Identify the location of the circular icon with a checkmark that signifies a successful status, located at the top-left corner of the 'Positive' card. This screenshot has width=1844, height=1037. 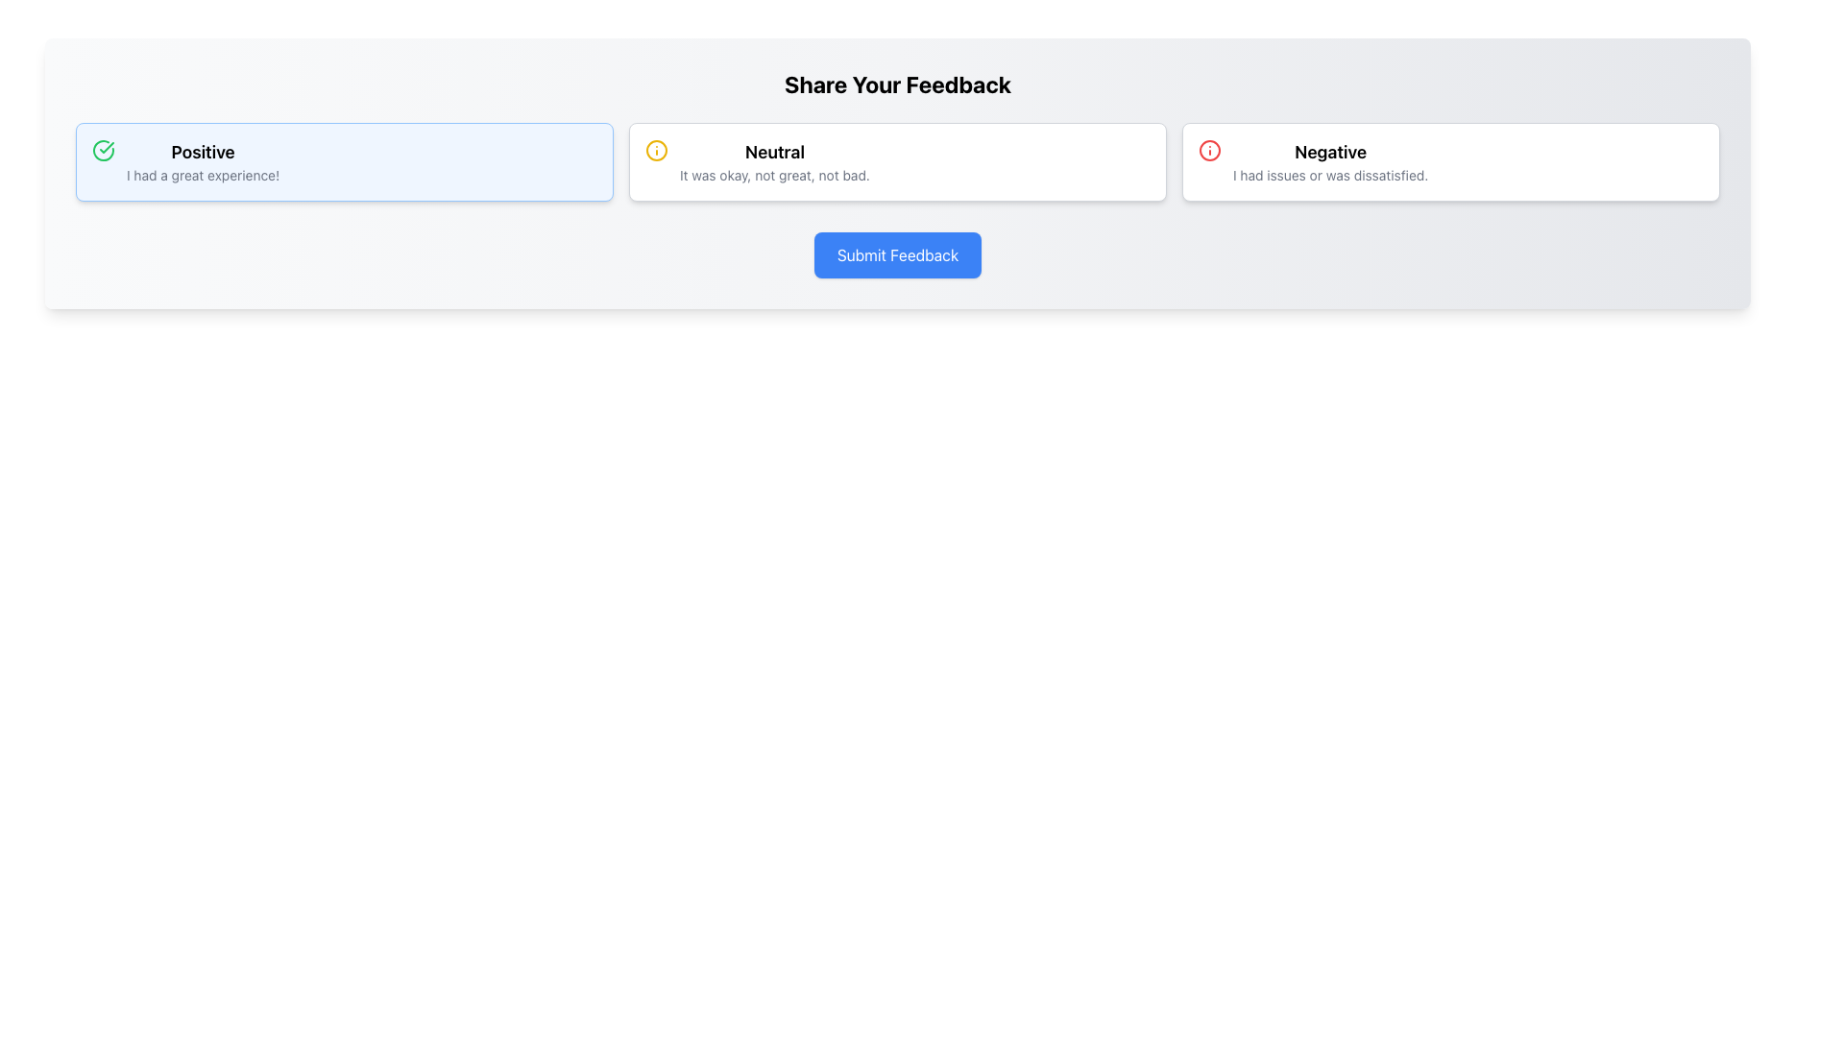
(103, 150).